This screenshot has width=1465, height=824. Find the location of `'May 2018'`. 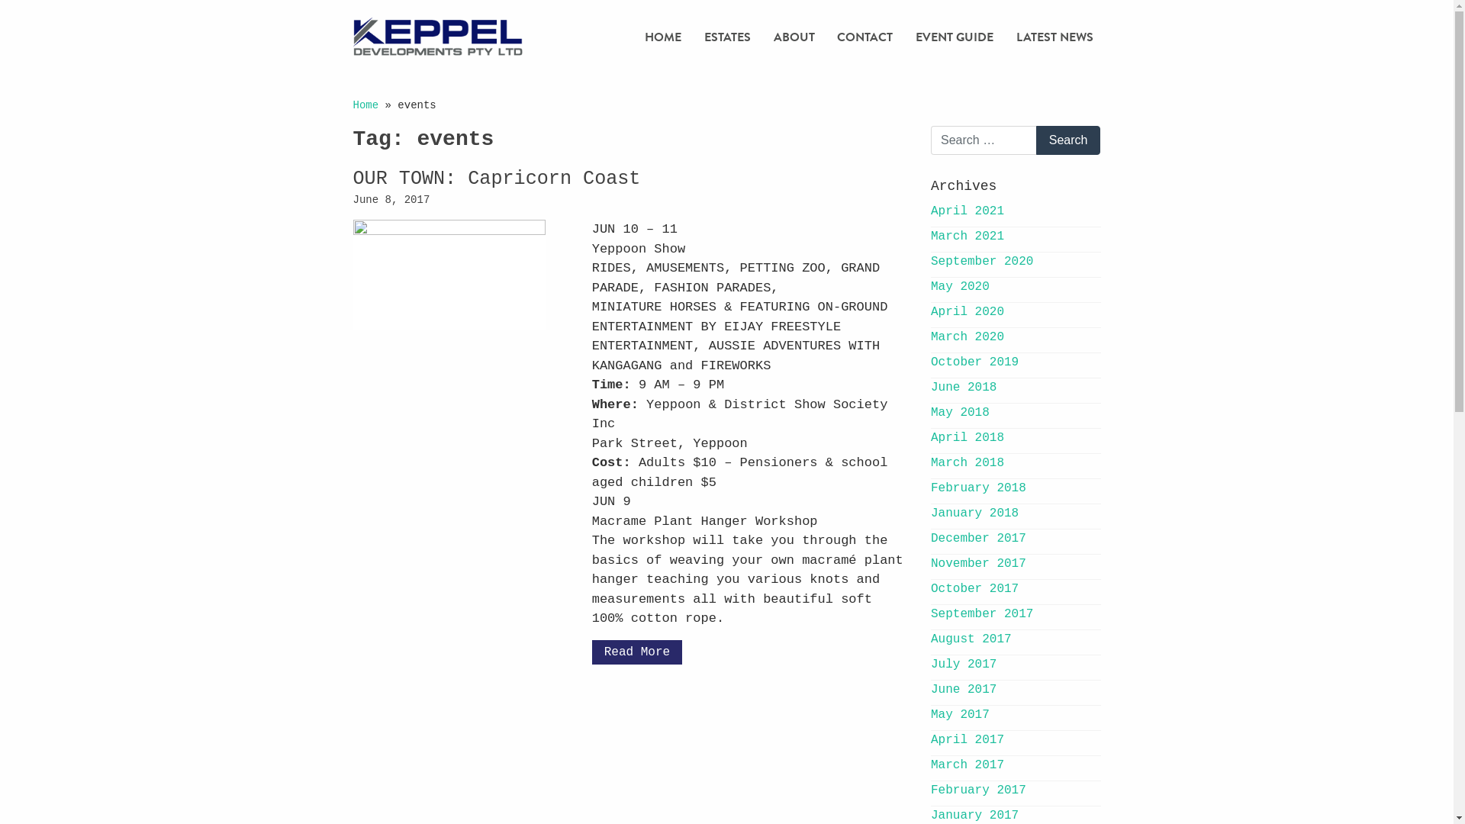

'May 2018' is located at coordinates (959, 412).